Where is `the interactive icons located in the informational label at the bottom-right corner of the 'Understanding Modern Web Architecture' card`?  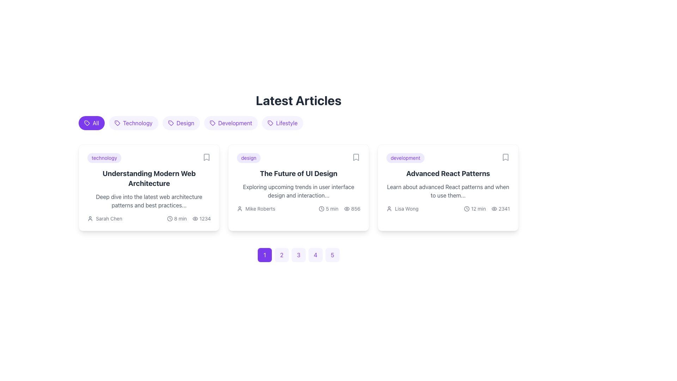 the interactive icons located in the informational label at the bottom-right corner of the 'Understanding Modern Web Architecture' card is located at coordinates (189, 218).